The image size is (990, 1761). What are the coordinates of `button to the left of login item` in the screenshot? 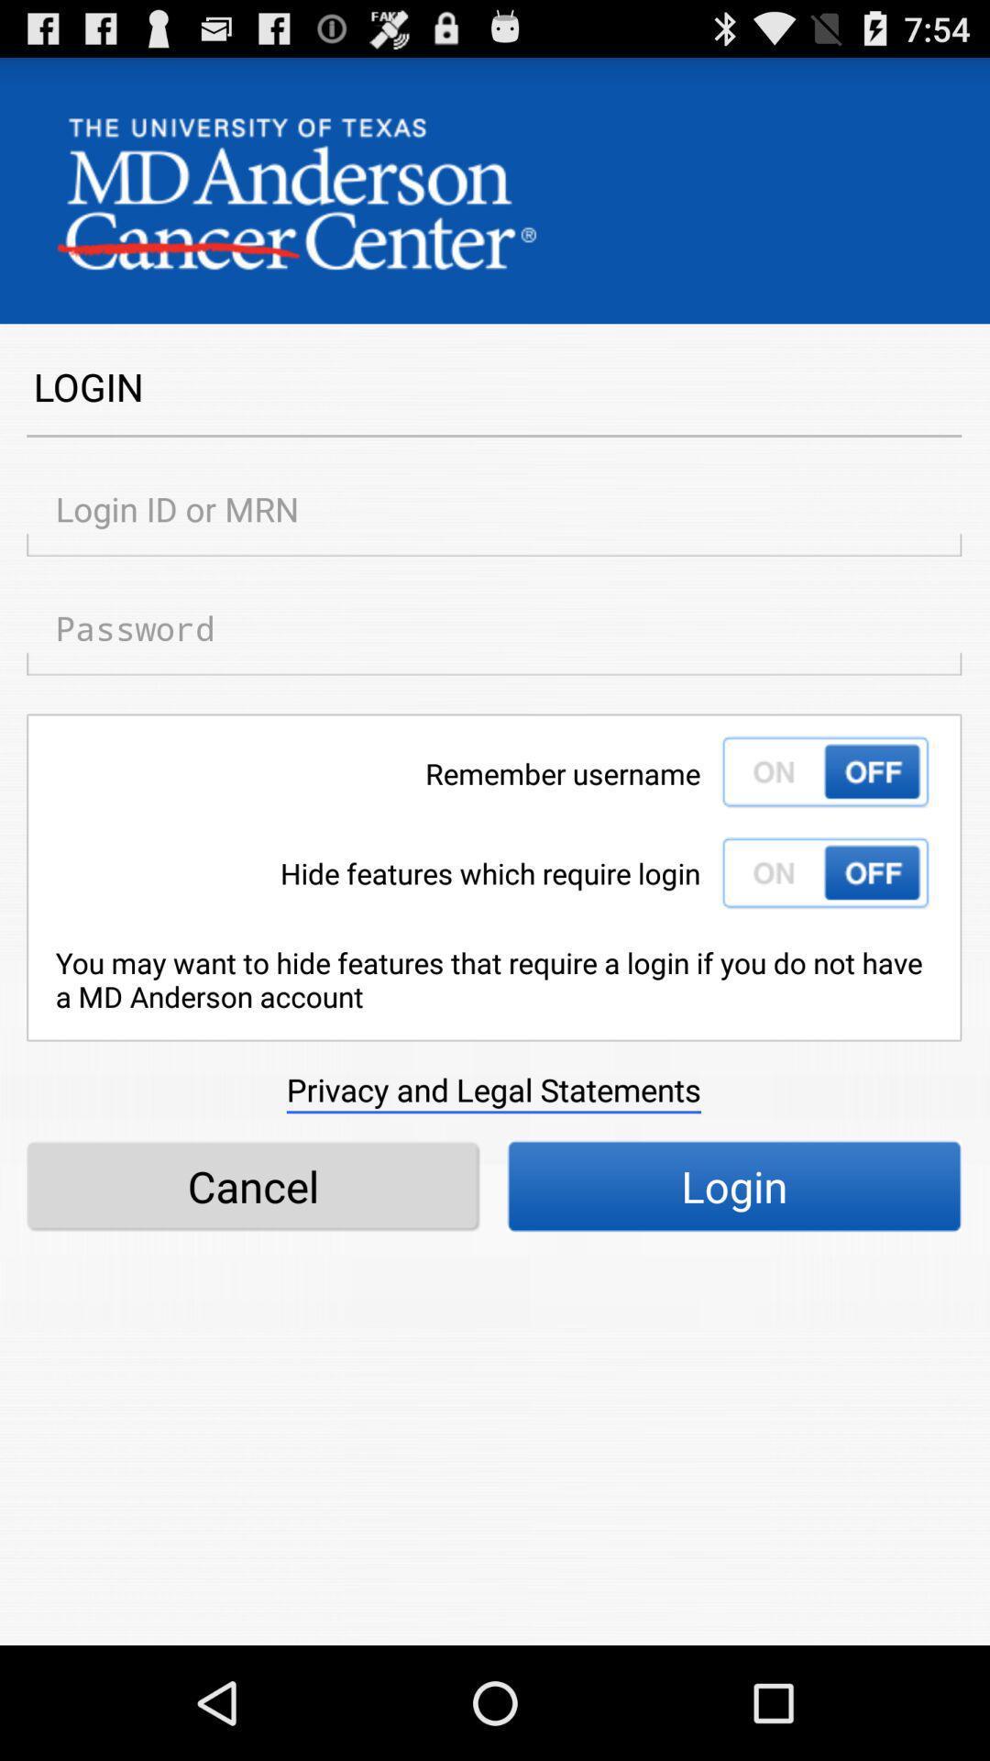 It's located at (253, 1186).